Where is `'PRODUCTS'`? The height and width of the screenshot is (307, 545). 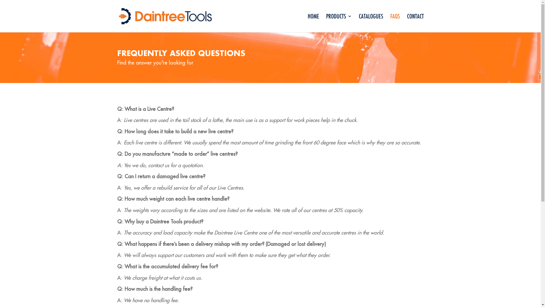
'PRODUCTS' is located at coordinates (339, 23).